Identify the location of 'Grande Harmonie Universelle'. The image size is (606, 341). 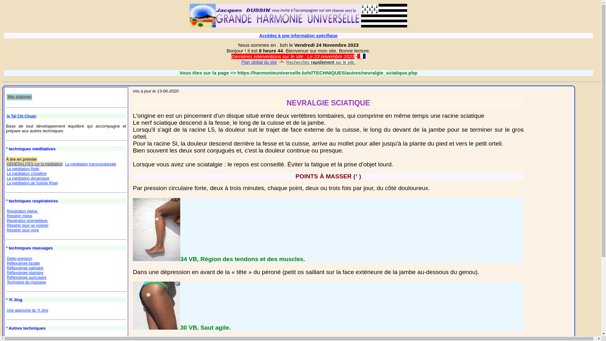
(298, 15).